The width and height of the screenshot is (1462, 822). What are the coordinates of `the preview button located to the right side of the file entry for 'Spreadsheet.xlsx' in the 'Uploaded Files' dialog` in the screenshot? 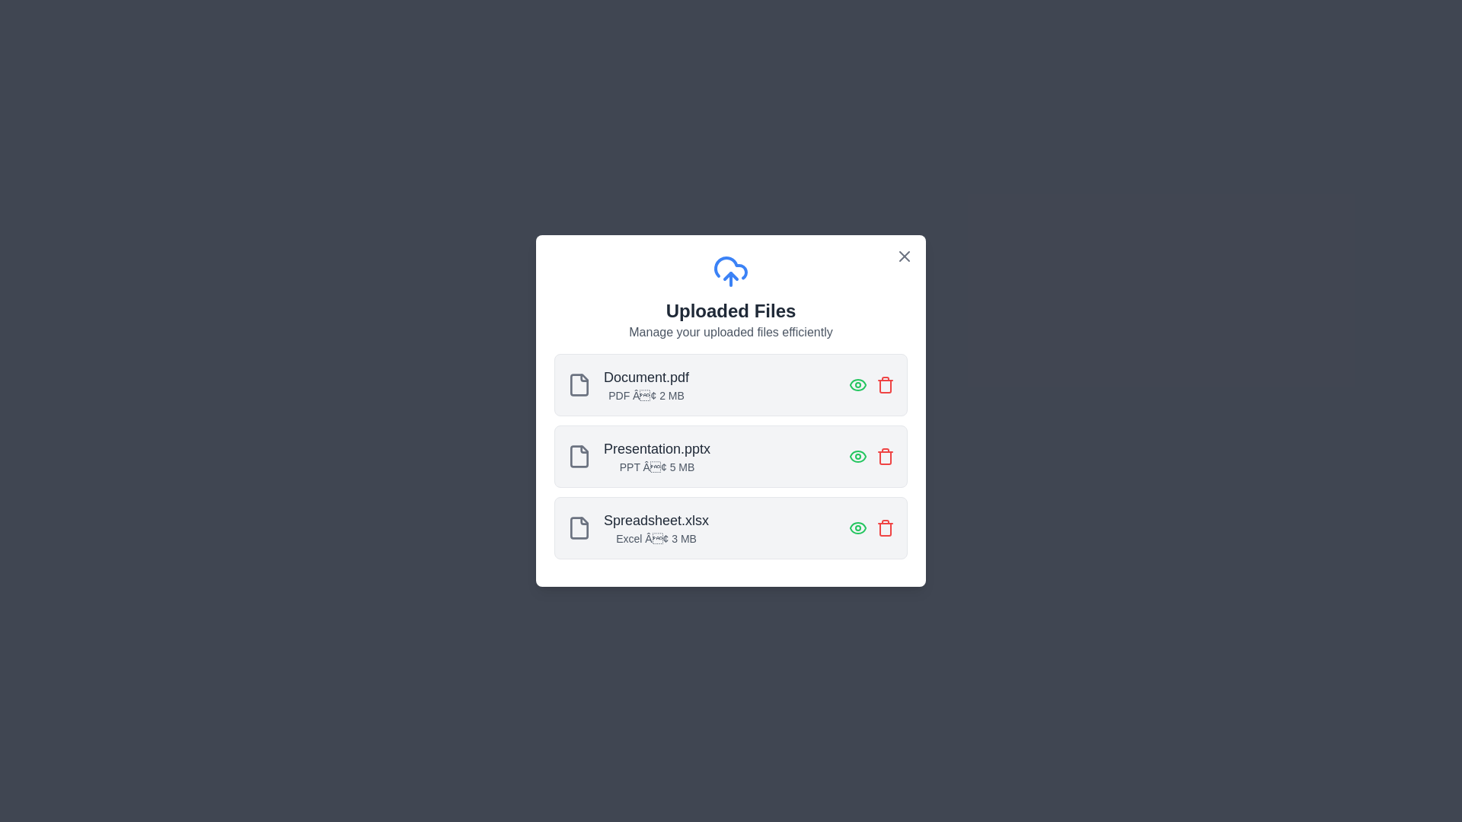 It's located at (858, 527).